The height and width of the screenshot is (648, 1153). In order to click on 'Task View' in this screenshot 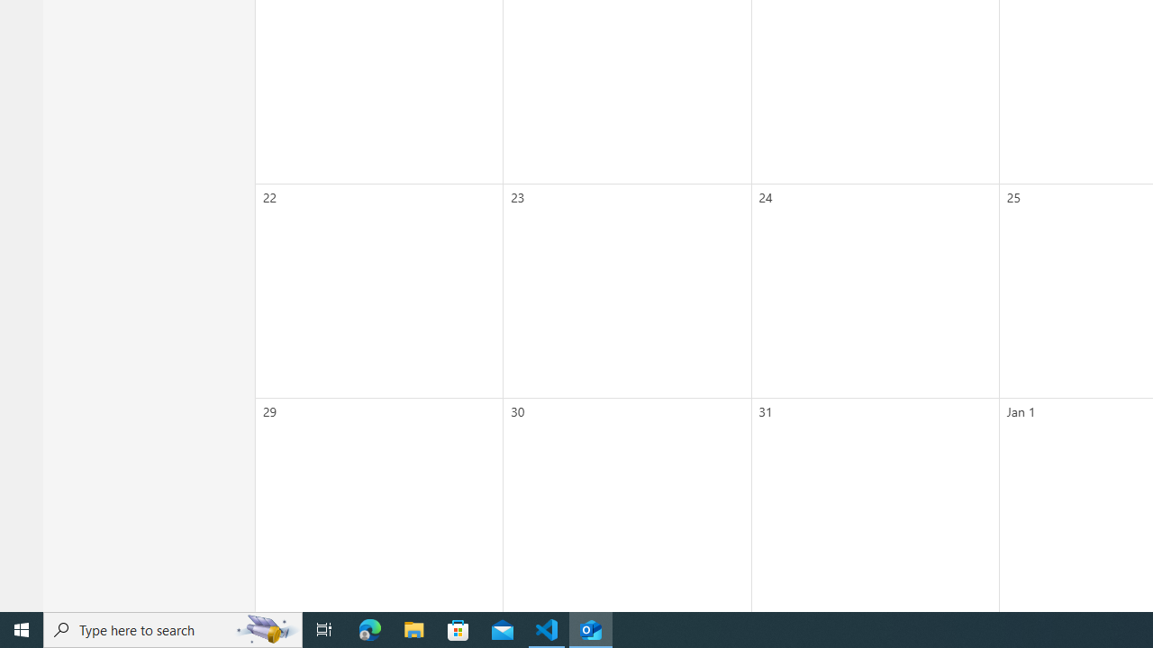, I will do `click(323, 628)`.